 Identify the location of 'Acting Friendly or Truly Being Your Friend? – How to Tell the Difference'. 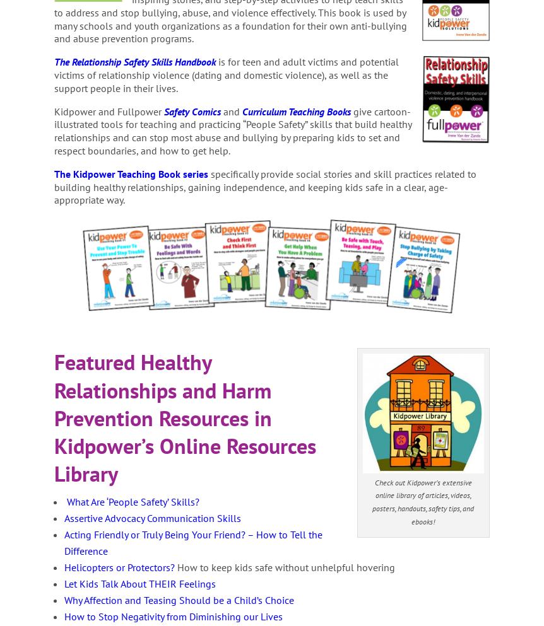
(193, 542).